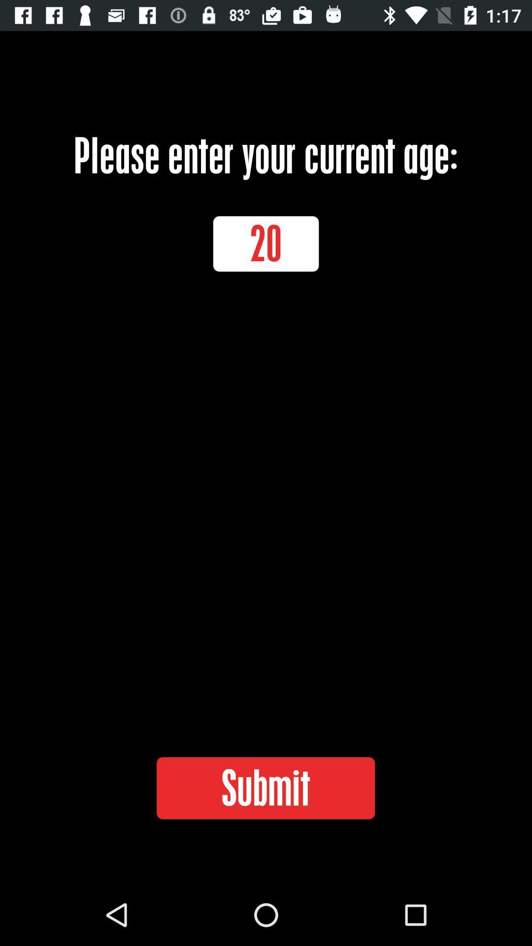 Image resolution: width=532 pixels, height=946 pixels. Describe the element at coordinates (266, 243) in the screenshot. I see `the item above submit icon` at that location.